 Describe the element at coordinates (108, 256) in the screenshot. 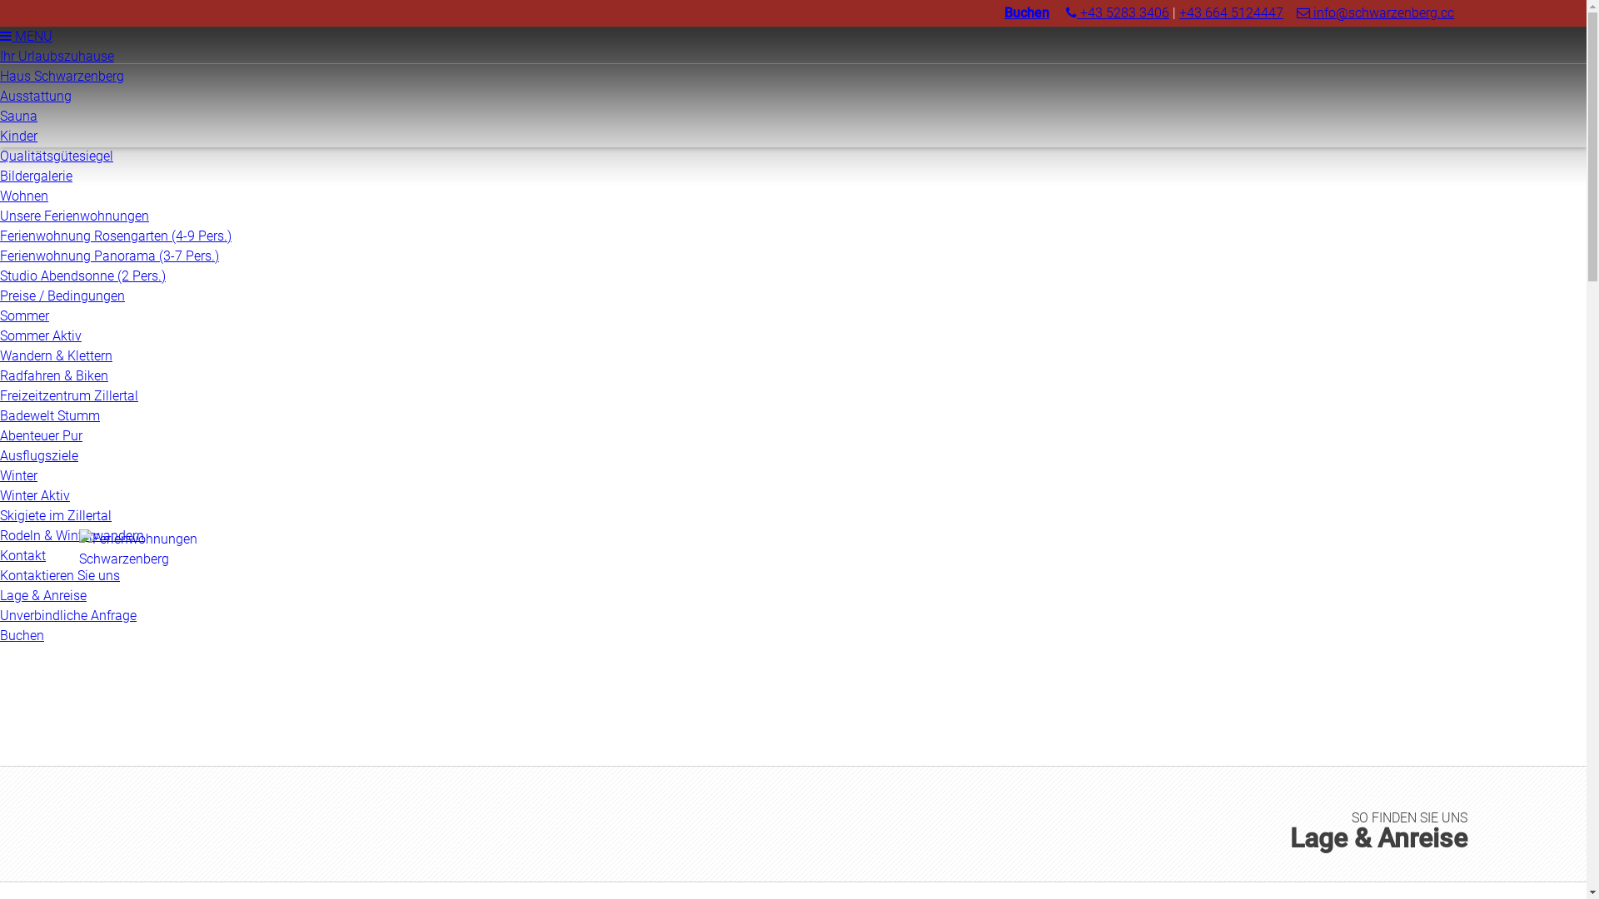

I see `'Ferienwohnung Panorama (3-7 Pers.)'` at that location.